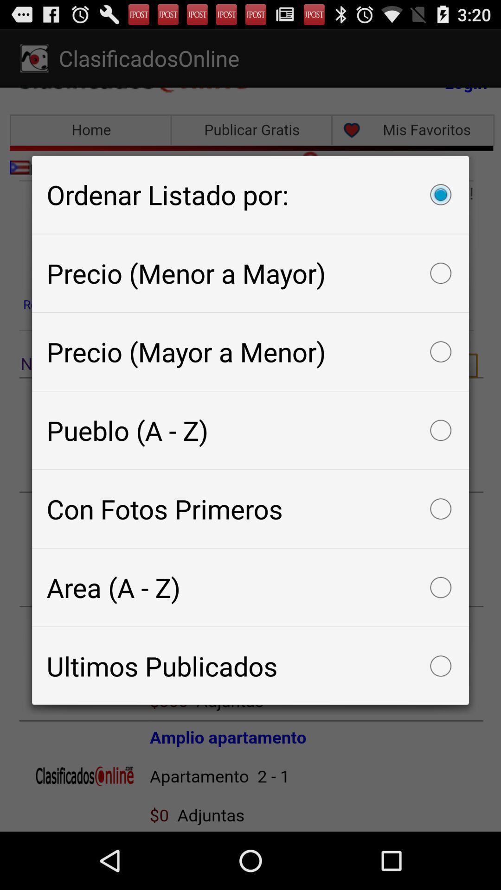  What do you see at coordinates (250, 194) in the screenshot?
I see `checkbox above precio menor a icon` at bounding box center [250, 194].